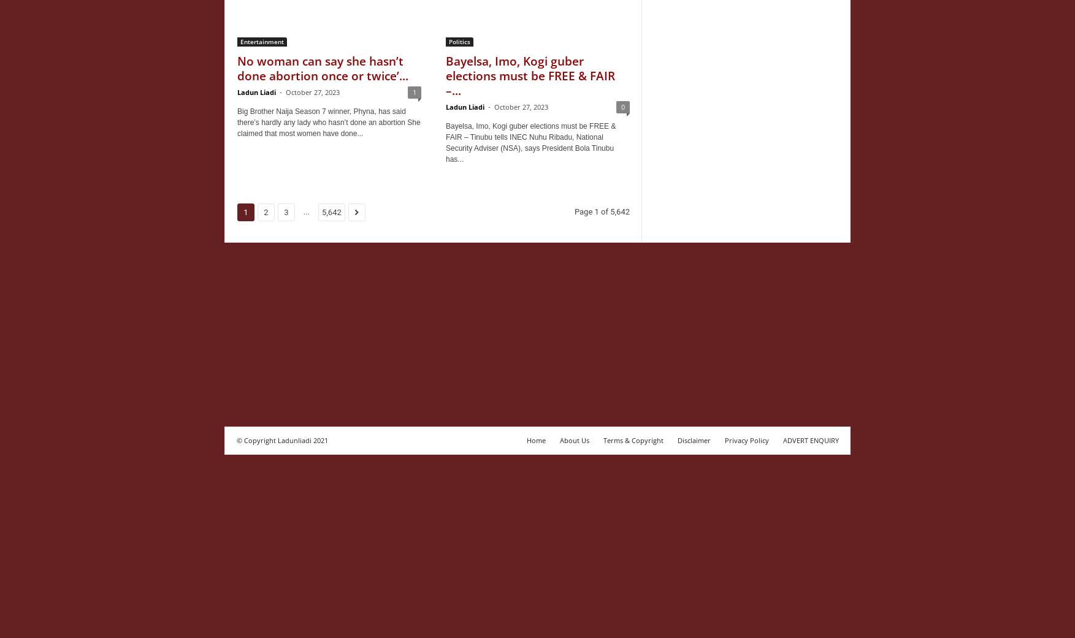 This screenshot has width=1075, height=638. I want to click on 'Privacy Policy', so click(725, 439).